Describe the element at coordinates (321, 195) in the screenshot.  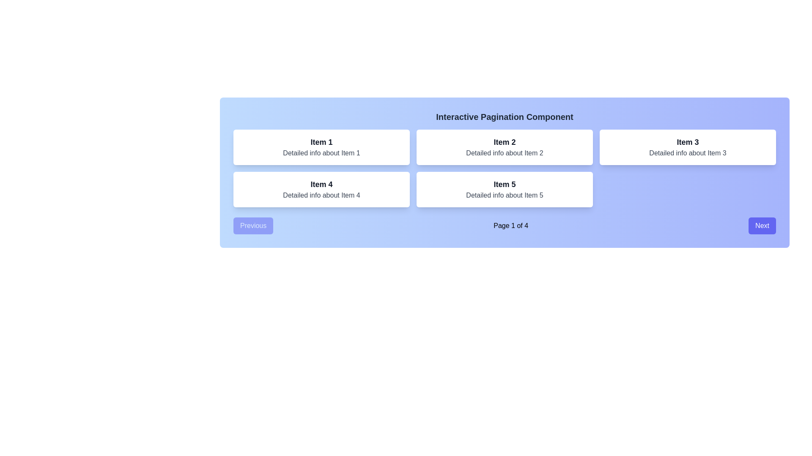
I see `the text label element styled in muted gray that reads 'Detailed info about Item 4', located below the heading 'Item 4' in a white card` at that location.